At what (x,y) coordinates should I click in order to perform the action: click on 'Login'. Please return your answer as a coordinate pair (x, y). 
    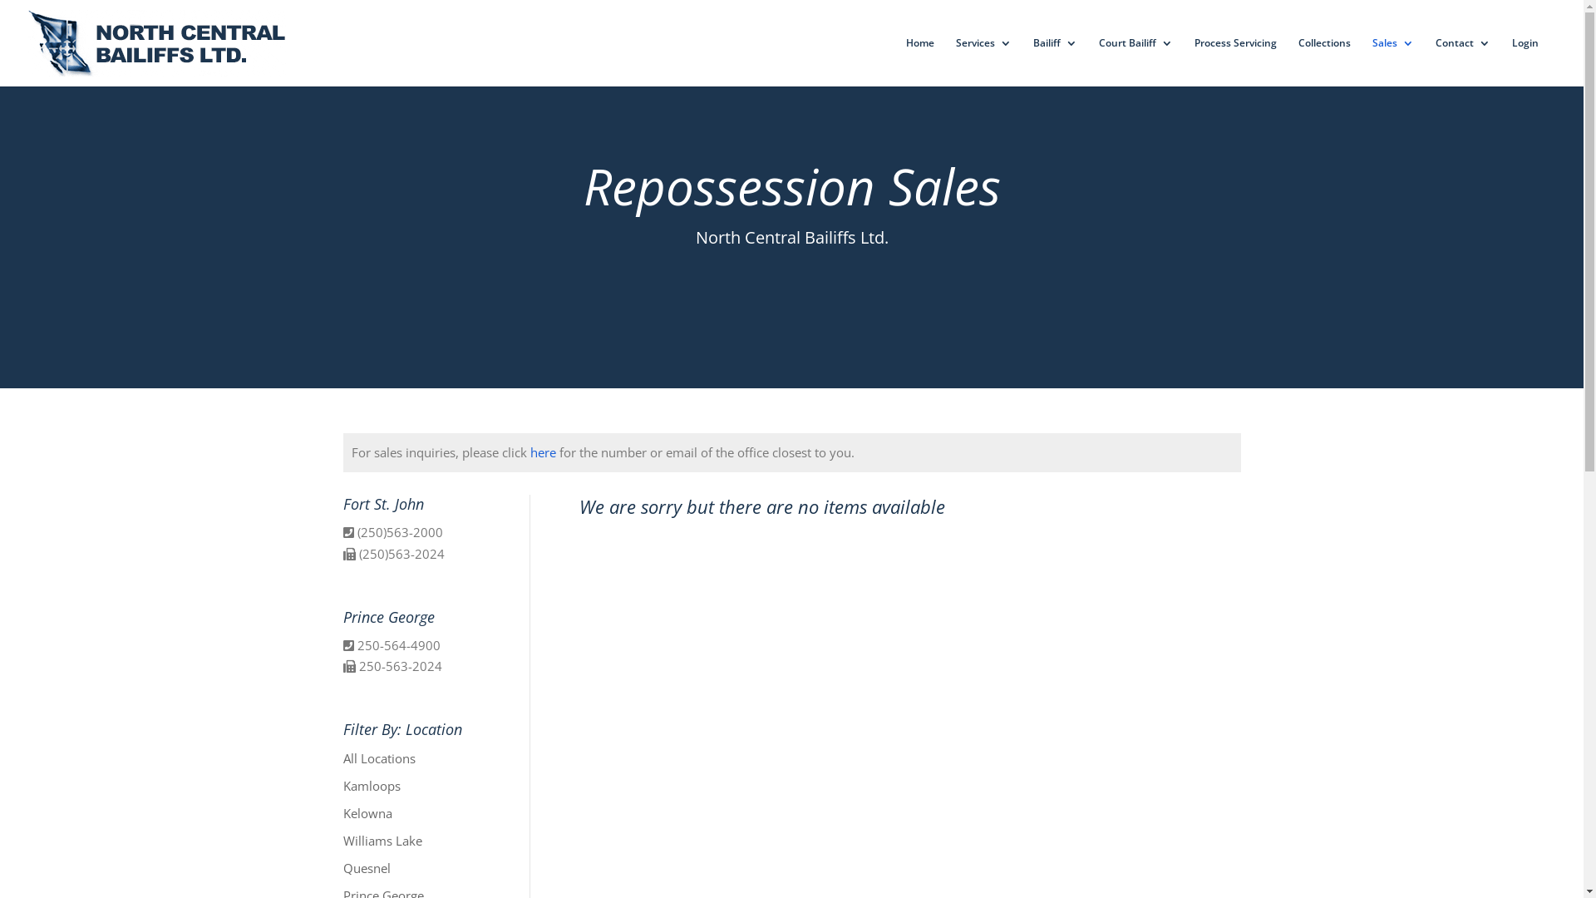
    Looking at the image, I should click on (1525, 61).